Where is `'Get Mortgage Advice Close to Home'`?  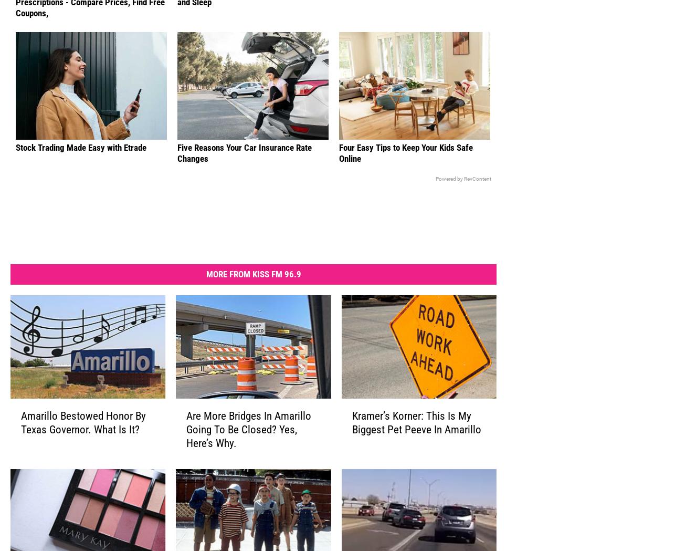
'Get Mortgage Advice Close to Home' is located at coordinates (403, 7).